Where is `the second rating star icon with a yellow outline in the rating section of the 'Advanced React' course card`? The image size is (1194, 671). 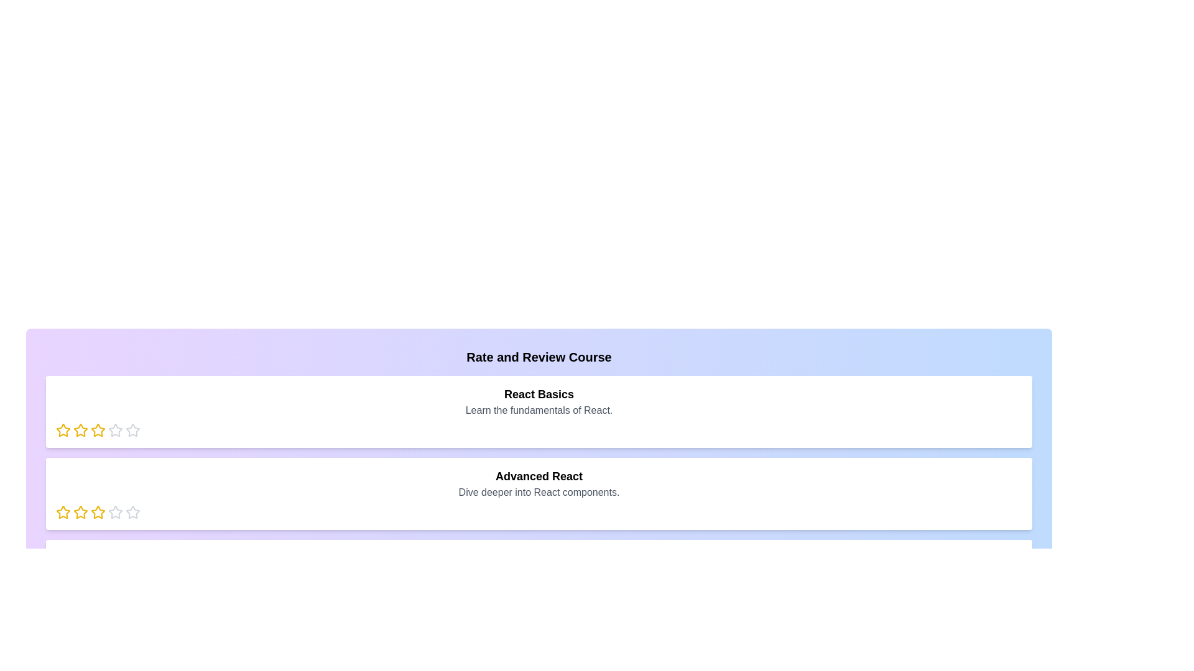
the second rating star icon with a yellow outline in the rating section of the 'Advanced React' course card is located at coordinates (80, 512).